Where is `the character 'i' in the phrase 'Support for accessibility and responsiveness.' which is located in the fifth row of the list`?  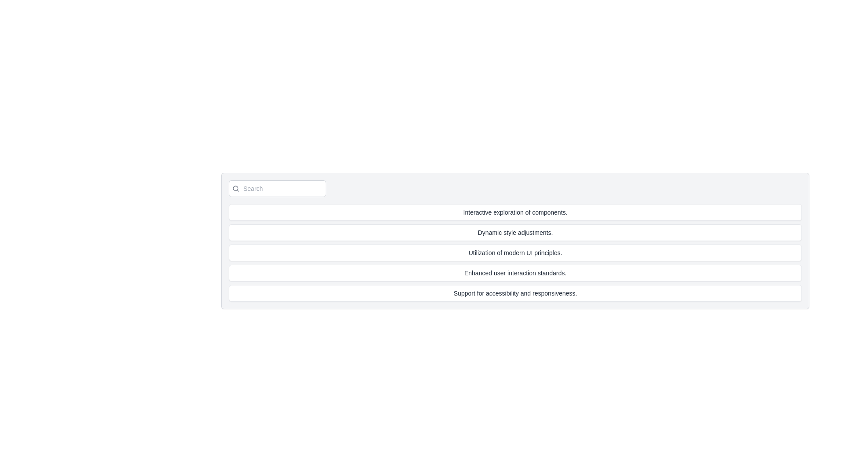 the character 'i' in the phrase 'Support for accessibility and responsiveness.' which is located in the fifth row of the list is located at coordinates (511, 293).